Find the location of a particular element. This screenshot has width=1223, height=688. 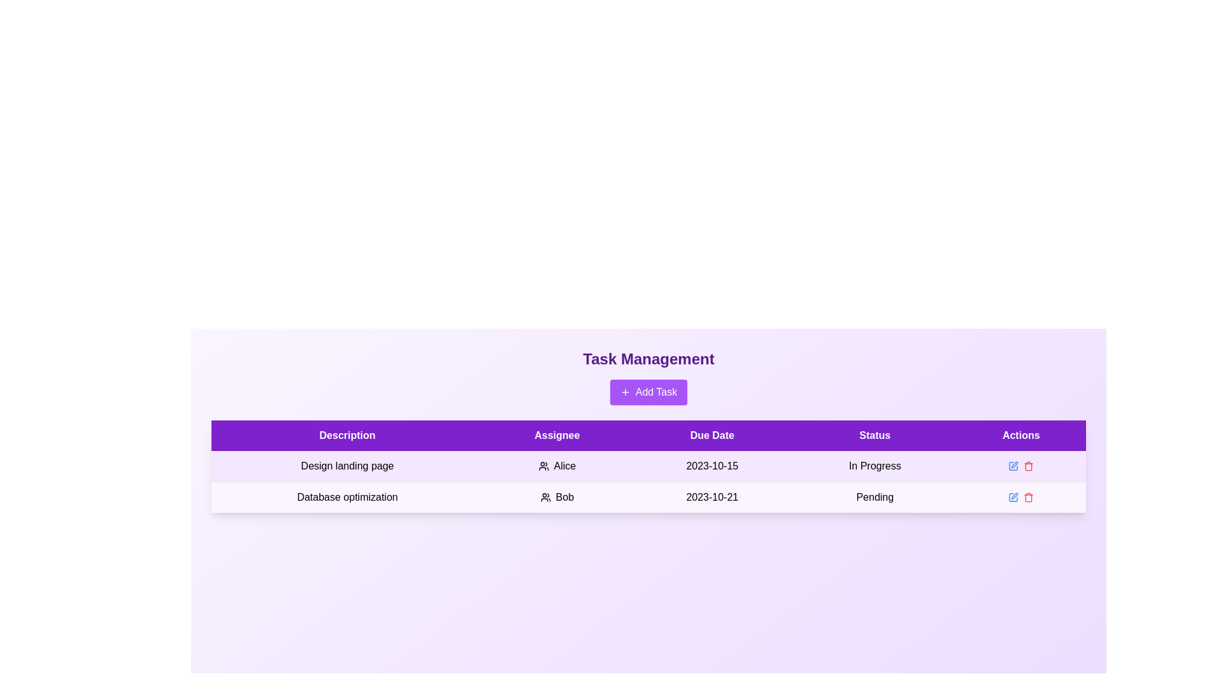

the small outline-style icon resembling two people, located to the left of the text 'Bob' in the 'Assignee' section of the second row of the table is located at coordinates (545, 496).